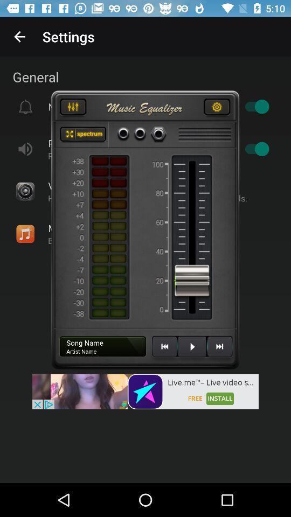 This screenshot has width=291, height=517. I want to click on app option, so click(82, 134).